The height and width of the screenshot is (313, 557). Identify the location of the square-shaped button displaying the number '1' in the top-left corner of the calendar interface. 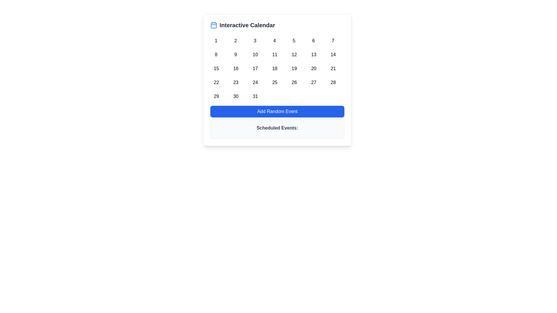
(216, 39).